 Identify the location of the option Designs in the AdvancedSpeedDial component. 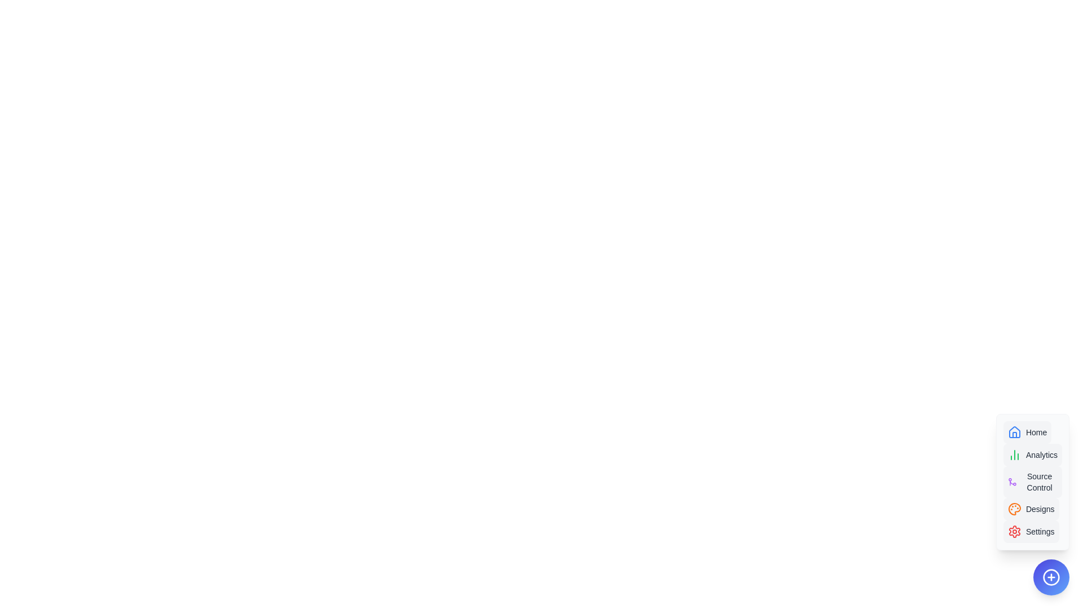
(1031, 509).